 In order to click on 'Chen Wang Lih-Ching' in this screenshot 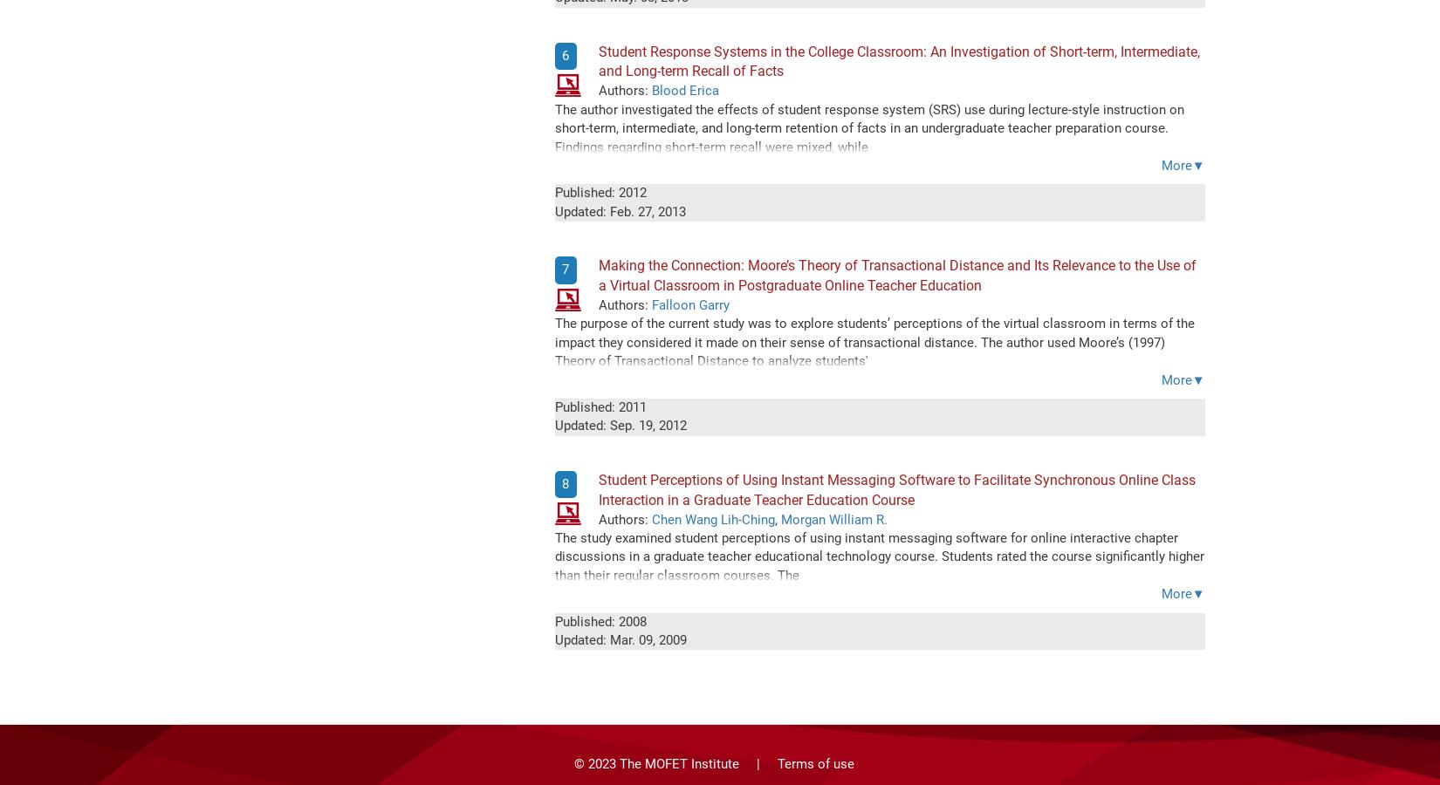, I will do `click(711, 518)`.